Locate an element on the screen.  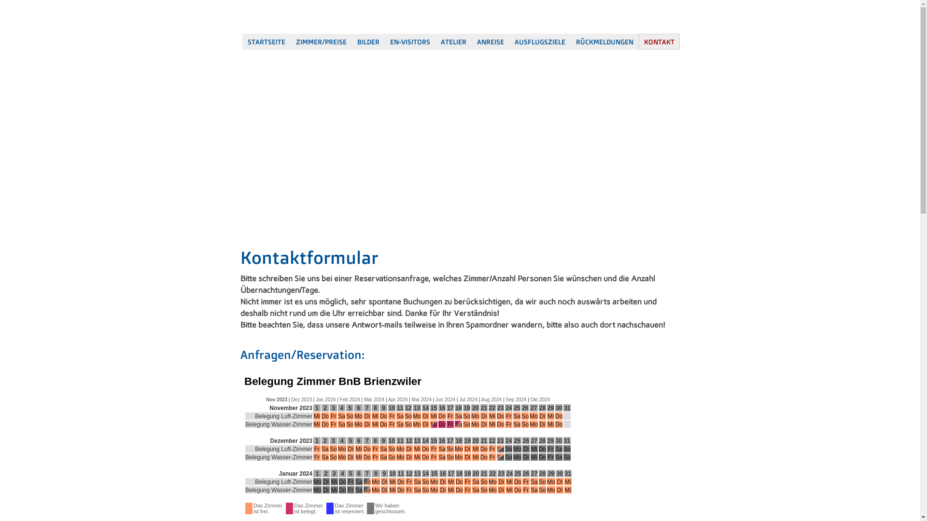
'STARTSEITE' is located at coordinates (242, 41).